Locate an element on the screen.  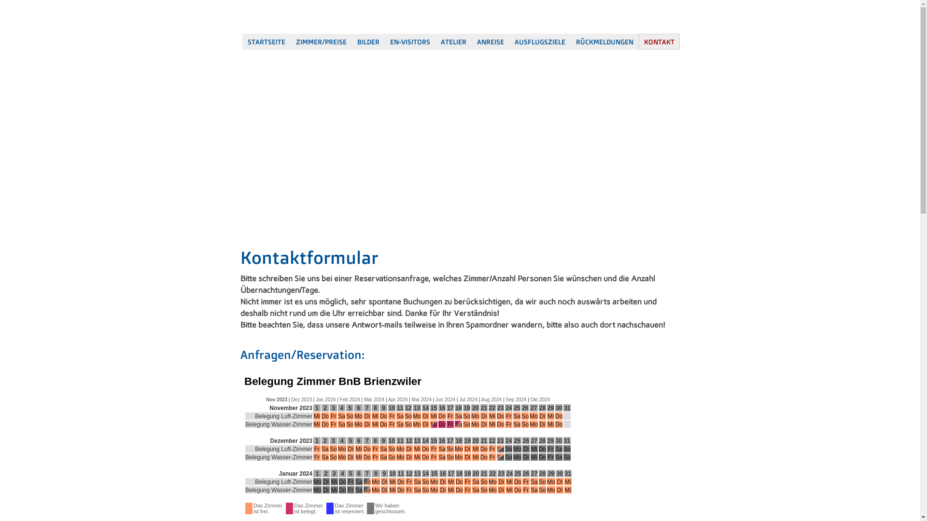
'STARTSEITE' is located at coordinates (242, 41).